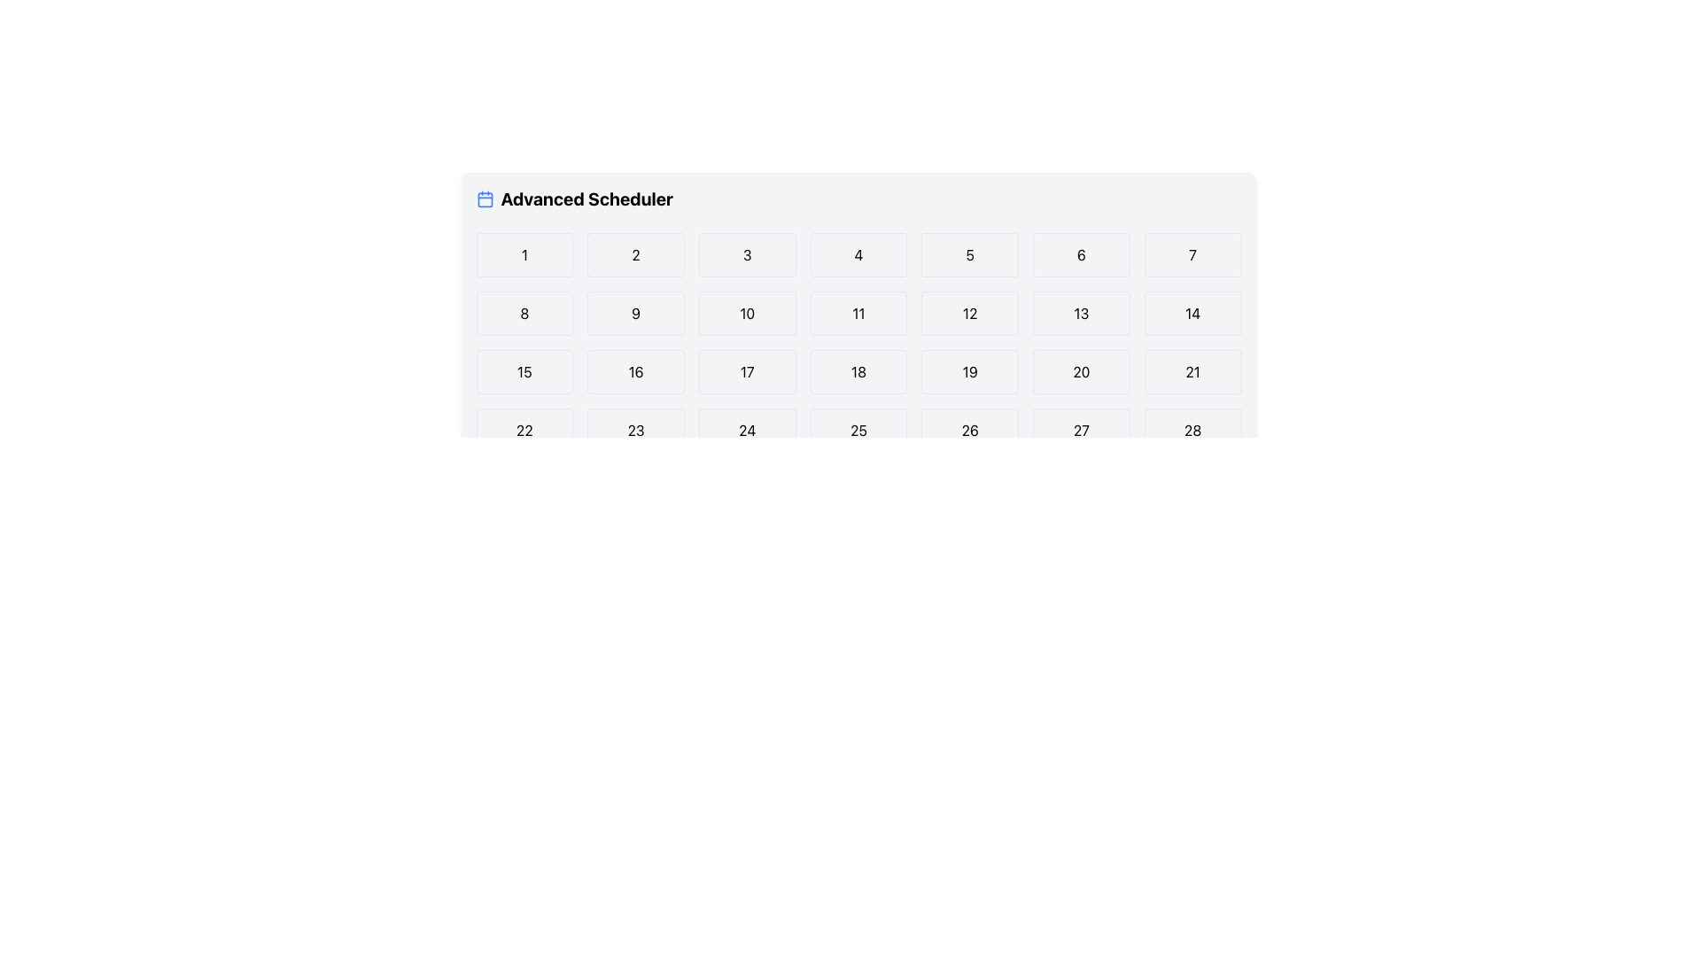 Image resolution: width=1701 pixels, height=957 pixels. I want to click on the interactive calendar day selector labeled '13' located in the second row and sixth column under the 'Advanced Scheduler' header, so click(1080, 313).